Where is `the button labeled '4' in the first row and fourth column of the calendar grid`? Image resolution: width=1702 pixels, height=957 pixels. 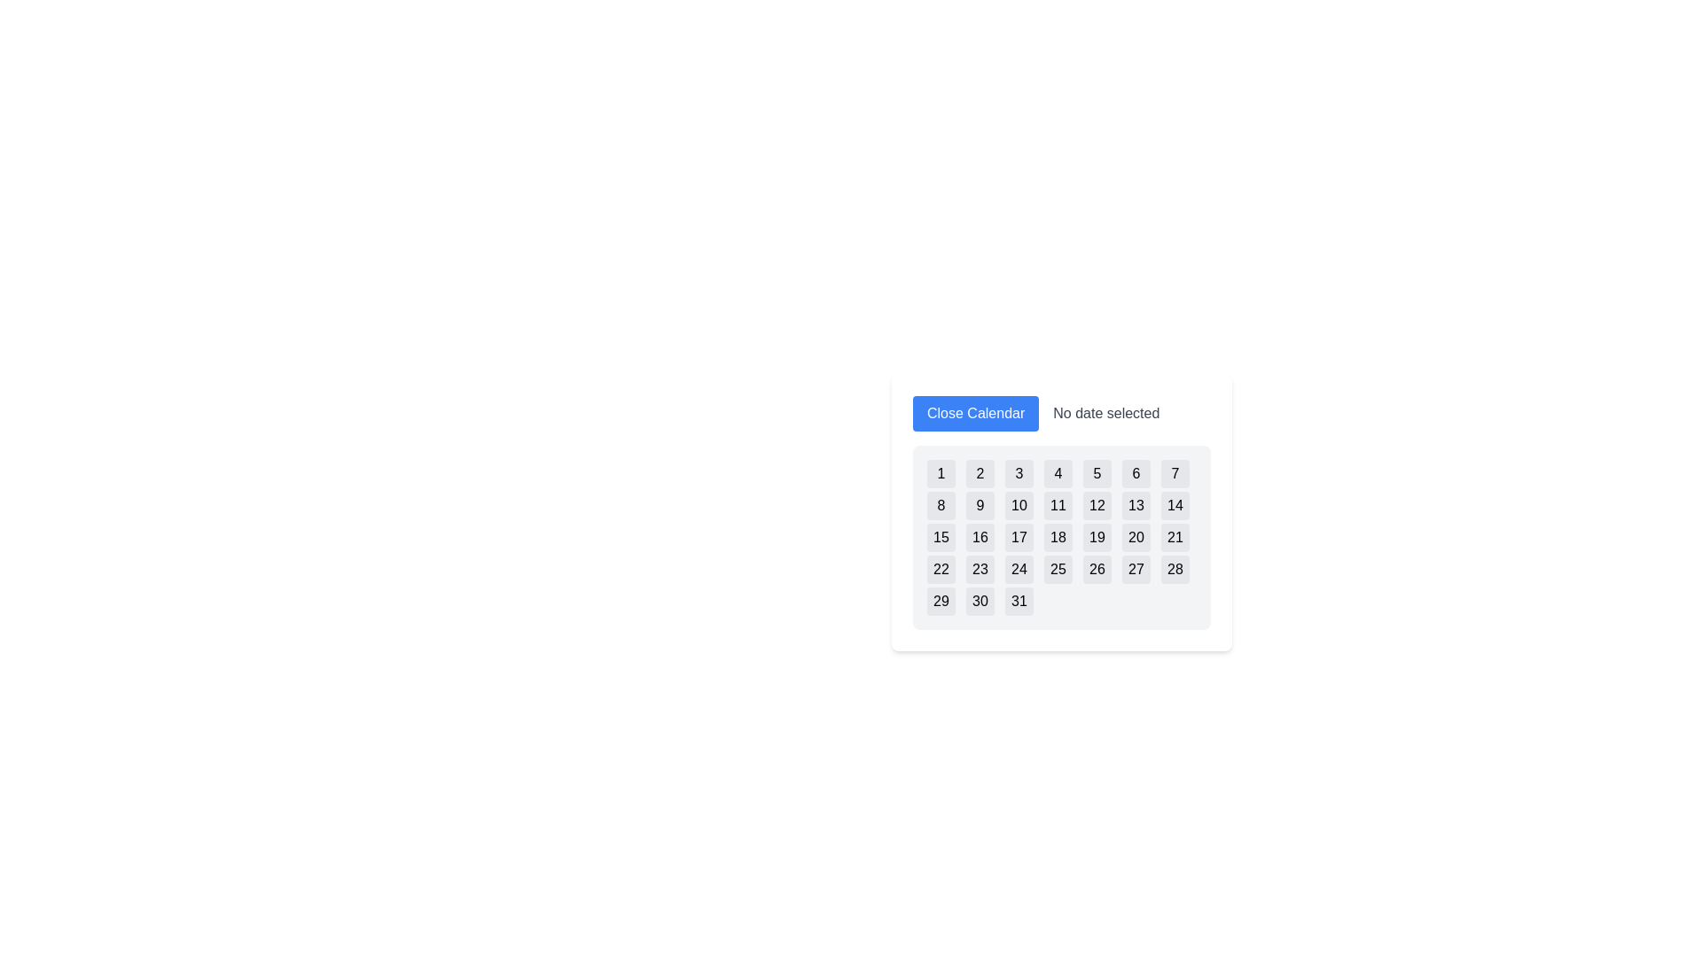 the button labeled '4' in the first row and fourth column of the calendar grid is located at coordinates (1058, 473).